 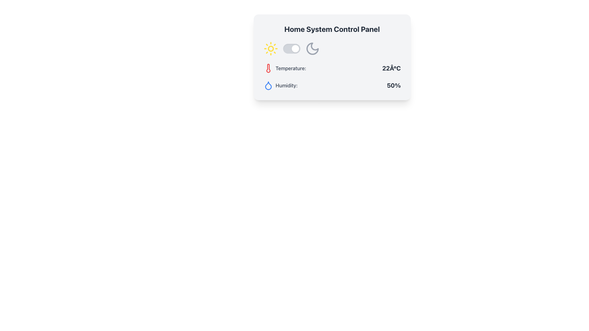 What do you see at coordinates (312, 48) in the screenshot?
I see `the gray crescent moon icon located in the top-right corner of the 'Home System Control Panel', next to the sun icon and toggle switch` at bounding box center [312, 48].